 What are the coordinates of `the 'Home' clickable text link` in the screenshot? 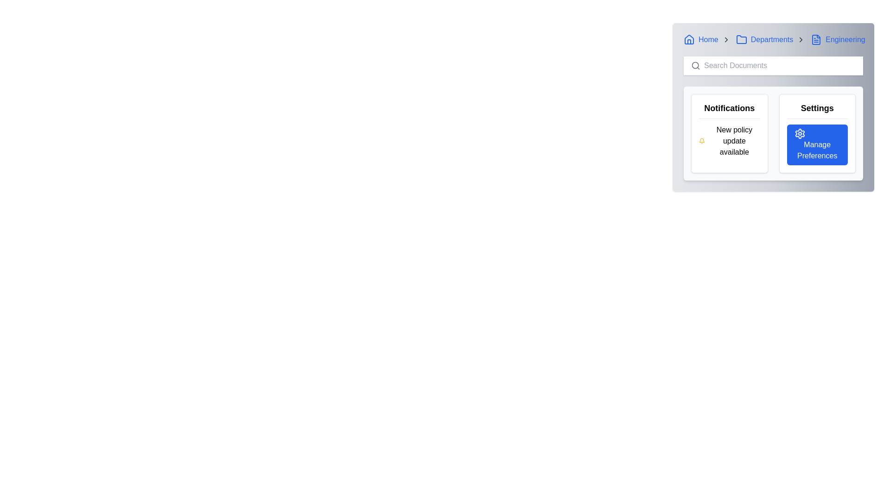 It's located at (701, 39).